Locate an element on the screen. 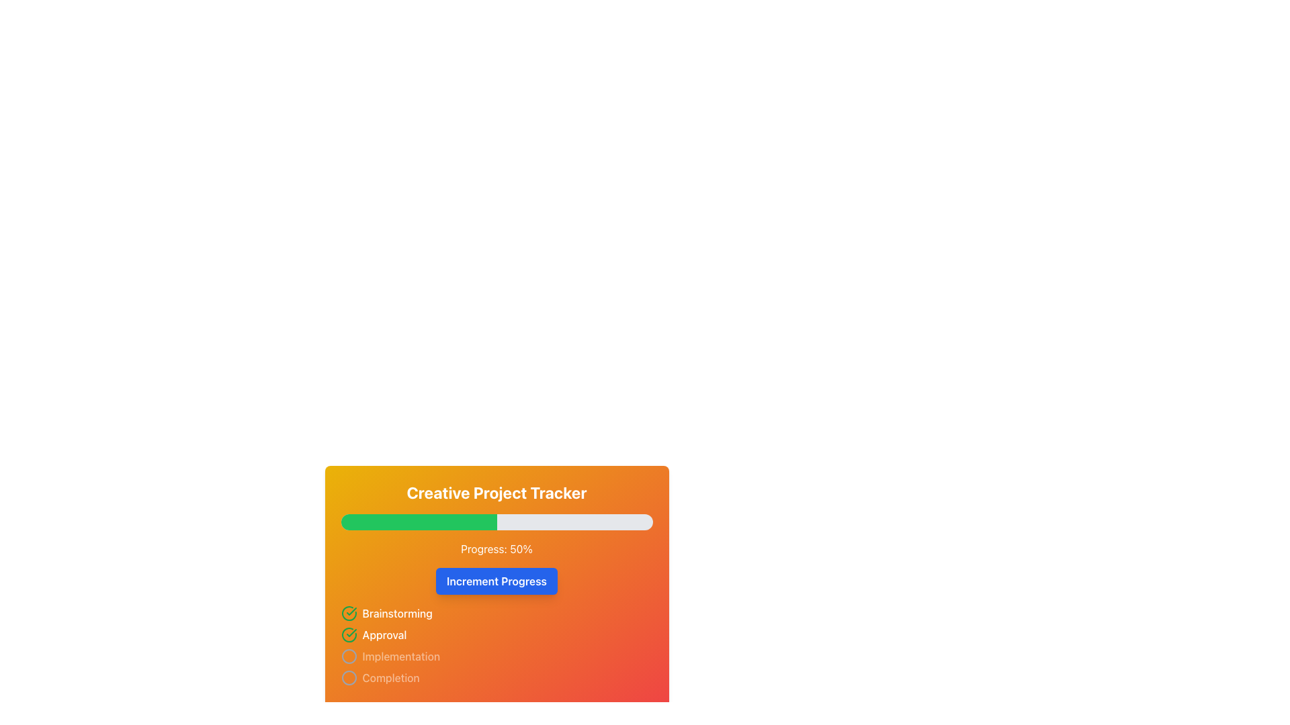 The height and width of the screenshot is (725, 1290). the status indicator icon for the 'Brainstorming' phase in the Creative Project Tracker checklist, located to the left of the 'Brainstorming' text is located at coordinates (349, 614).